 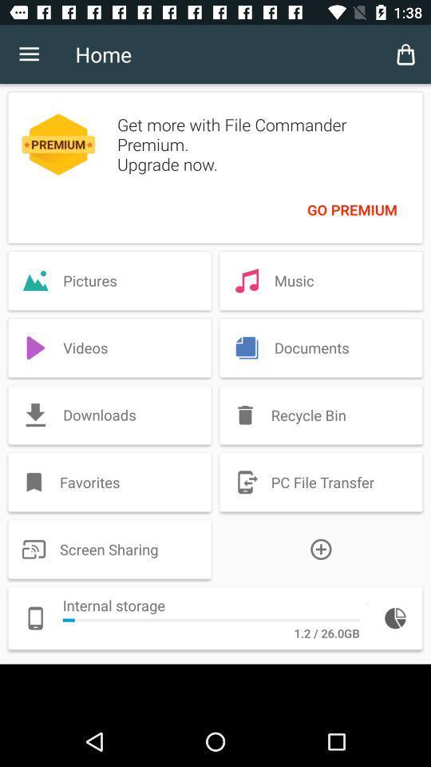 I want to click on the icon above the go premium icon, so click(x=405, y=54).